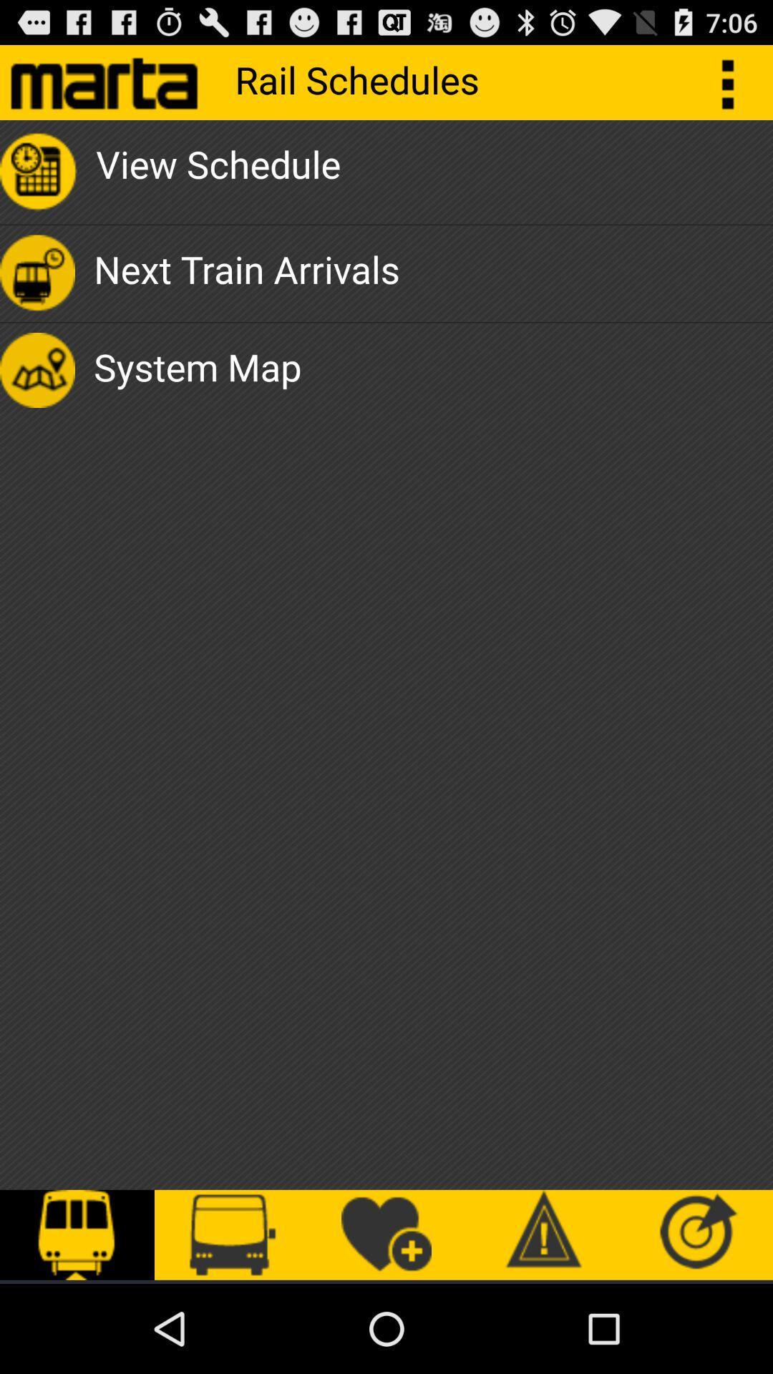 This screenshot has height=1374, width=773. What do you see at coordinates (695, 1234) in the screenshot?
I see `icon at the bottom right corner` at bounding box center [695, 1234].